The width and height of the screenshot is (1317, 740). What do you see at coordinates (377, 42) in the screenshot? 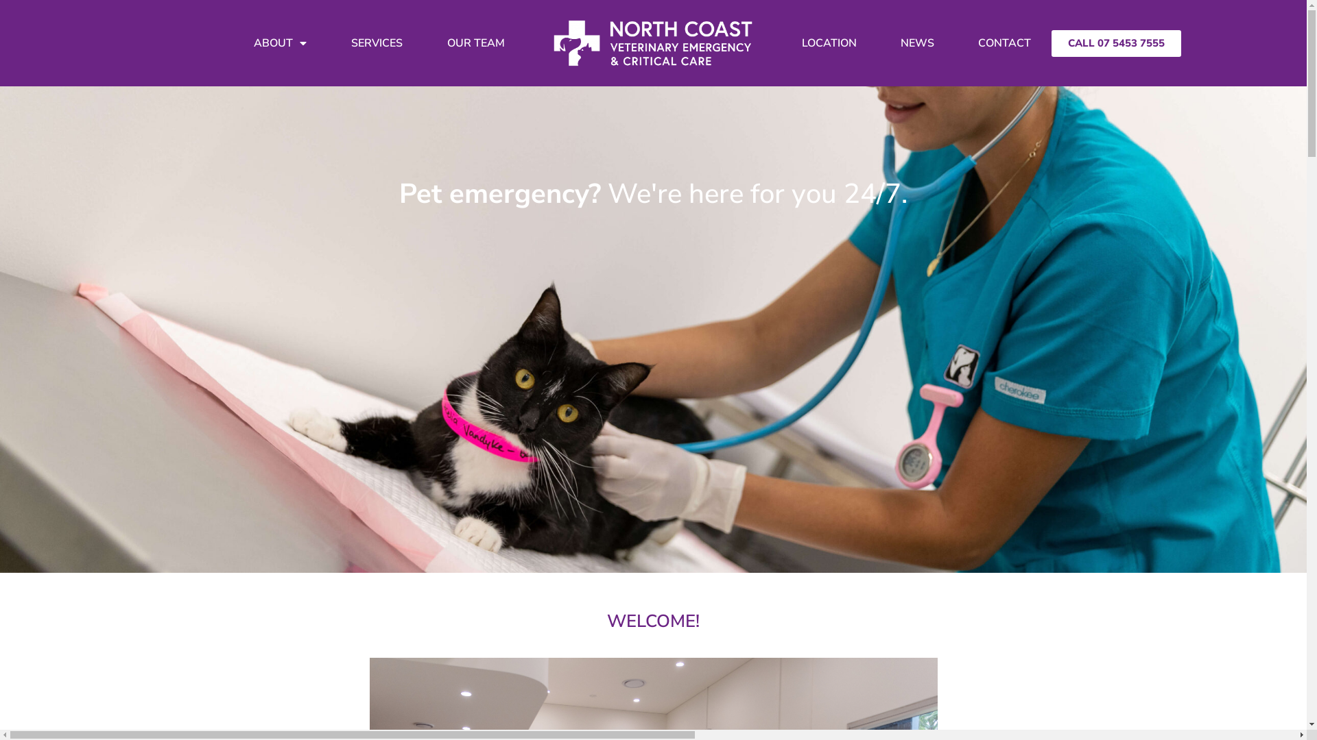
I see `'SERVICES'` at bounding box center [377, 42].